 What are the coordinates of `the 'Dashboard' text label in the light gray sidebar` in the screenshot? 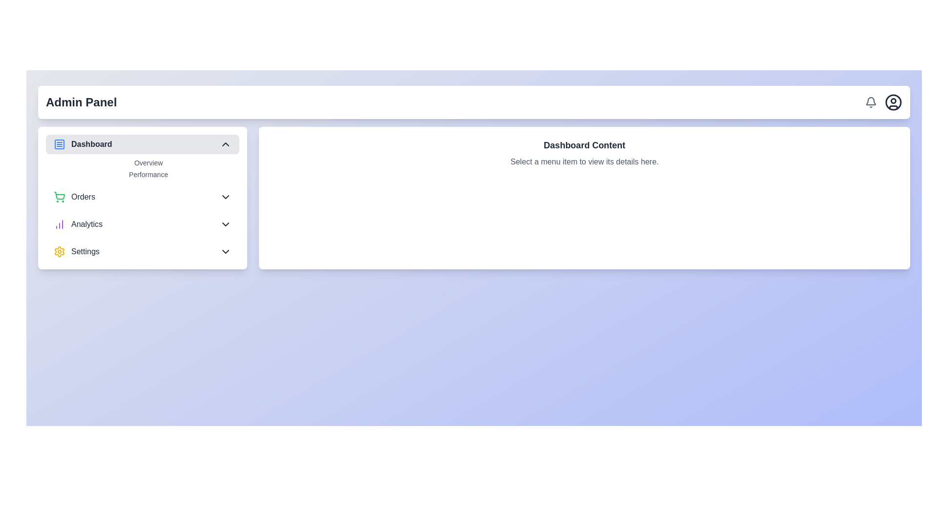 It's located at (91, 144).